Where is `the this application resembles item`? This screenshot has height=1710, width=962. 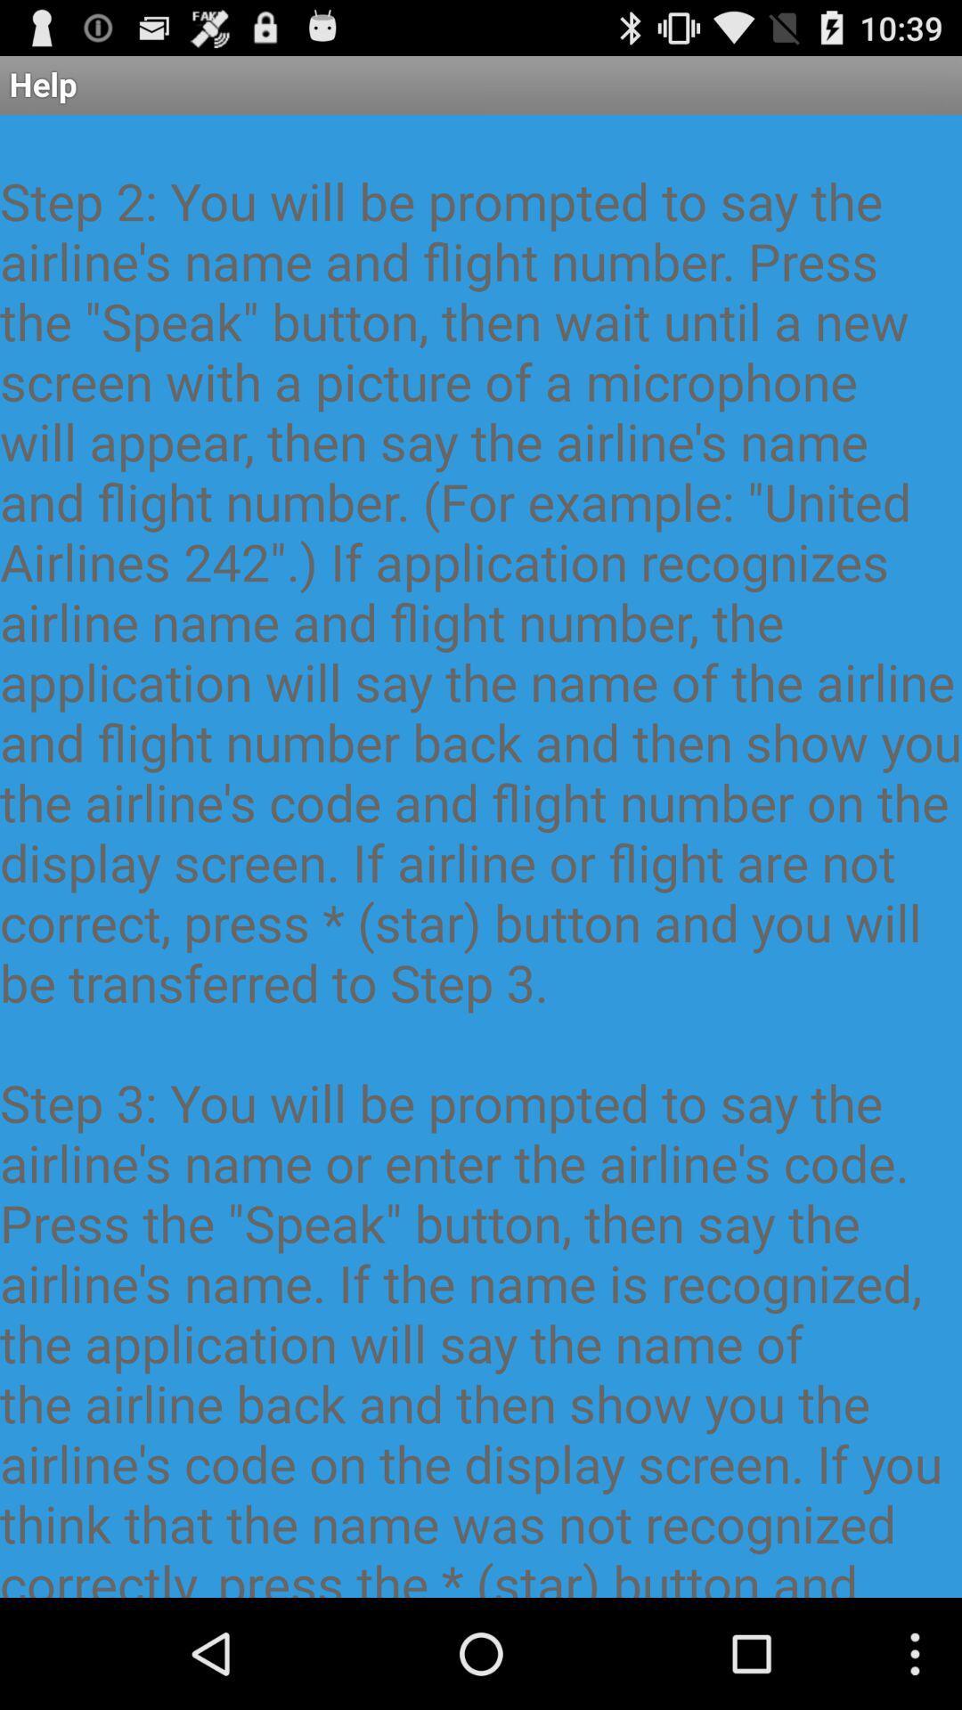
the this application resembles item is located at coordinates (481, 856).